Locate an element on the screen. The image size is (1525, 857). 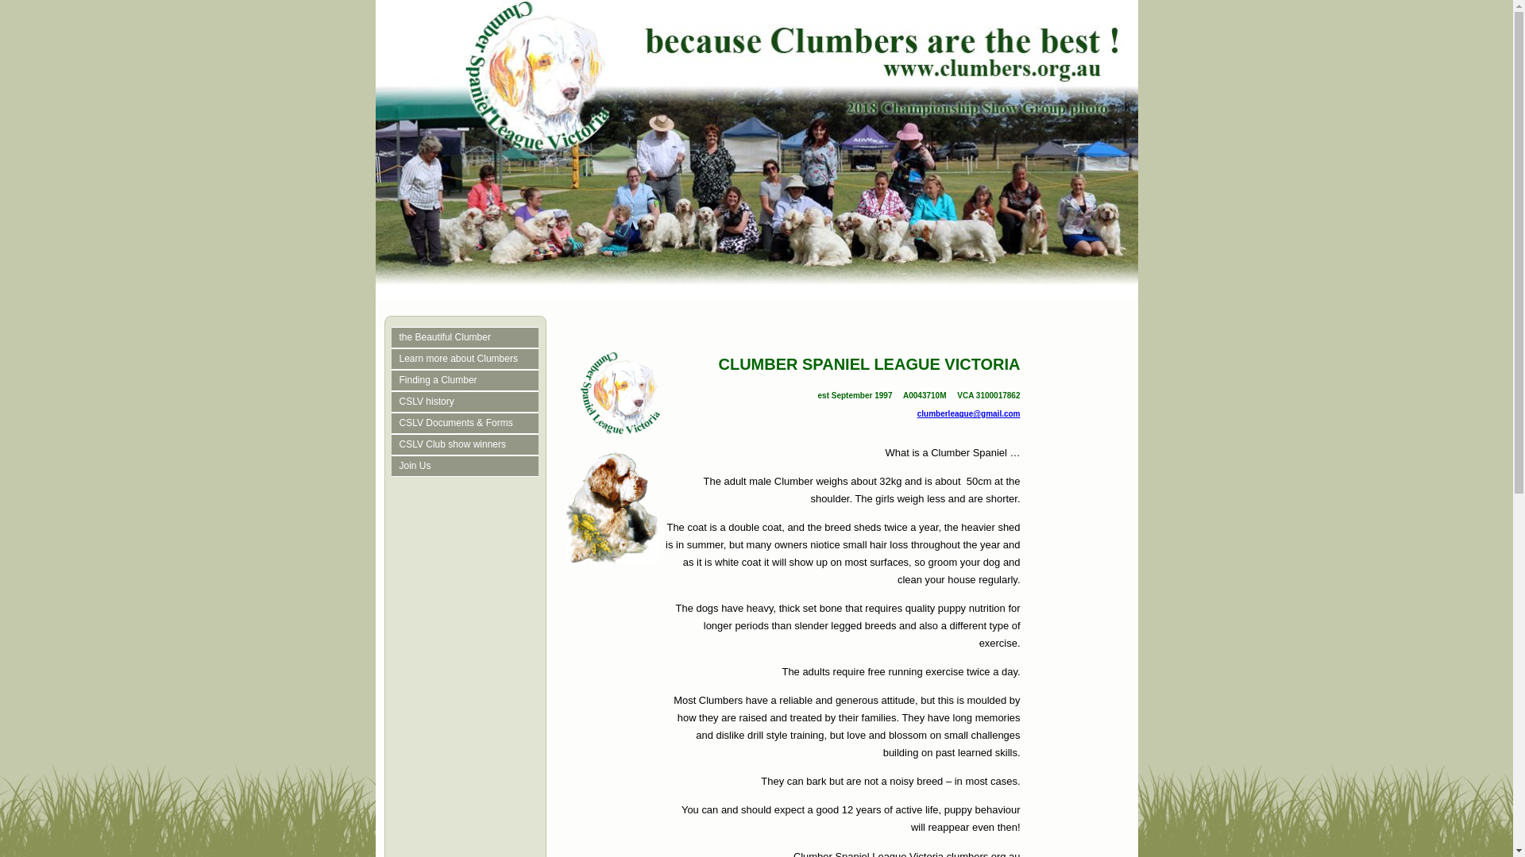
'Learn more about Clumbers' is located at coordinates (467, 359).